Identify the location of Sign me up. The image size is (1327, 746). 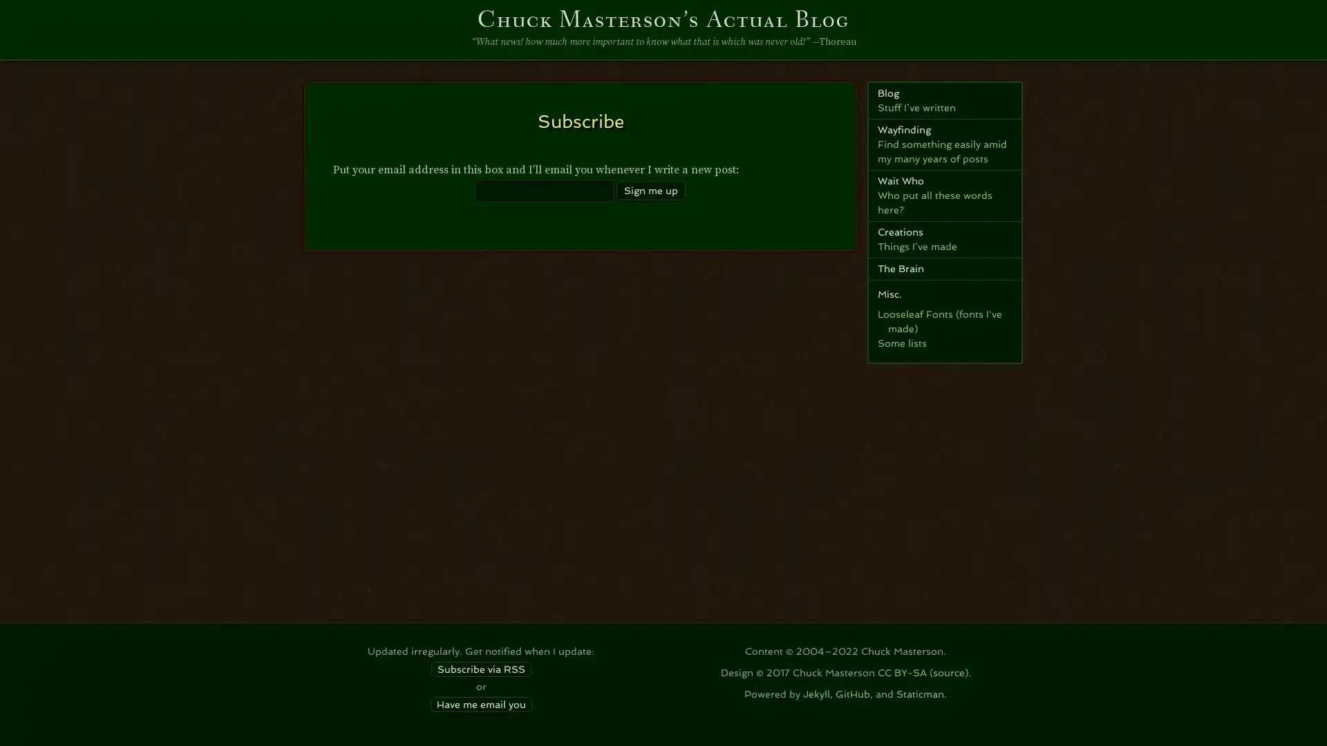
(649, 189).